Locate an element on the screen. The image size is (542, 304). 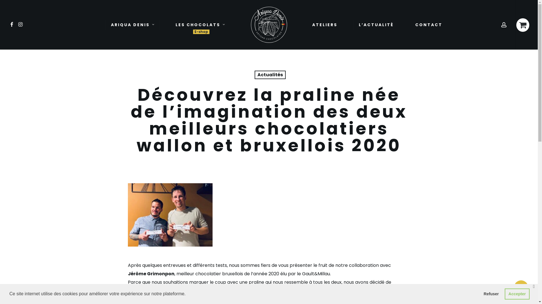
'Refuser' is located at coordinates (479, 294).